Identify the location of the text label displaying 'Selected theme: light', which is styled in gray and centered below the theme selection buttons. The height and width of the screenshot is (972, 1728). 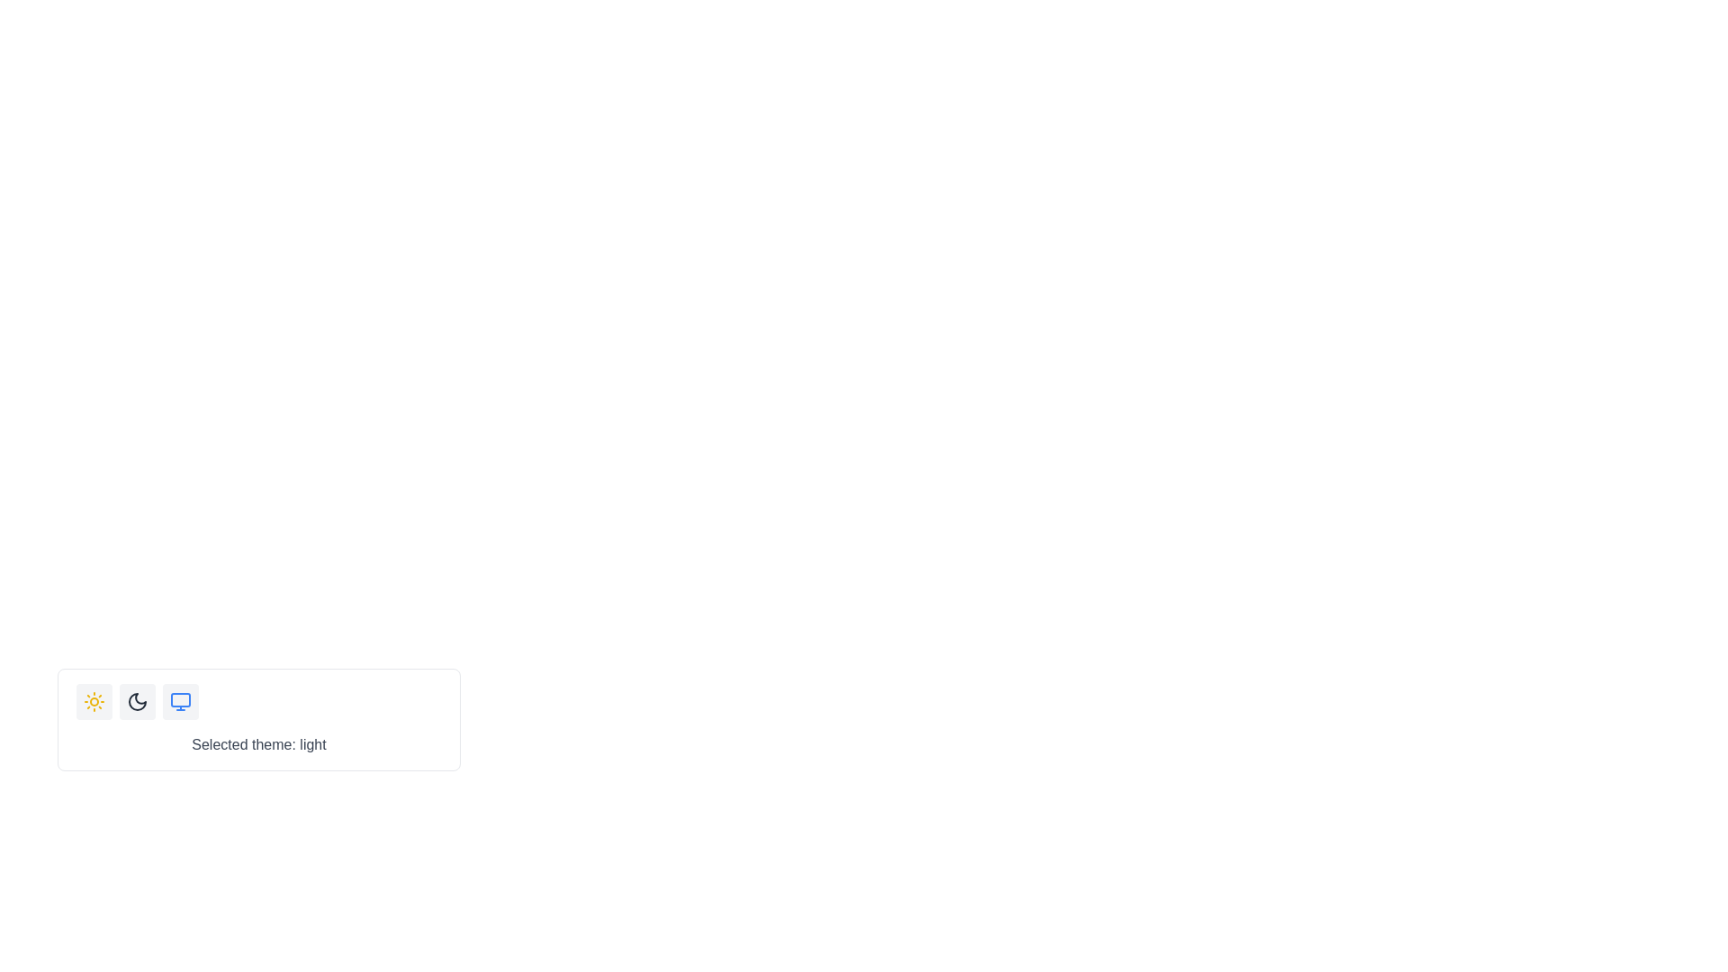
(258, 745).